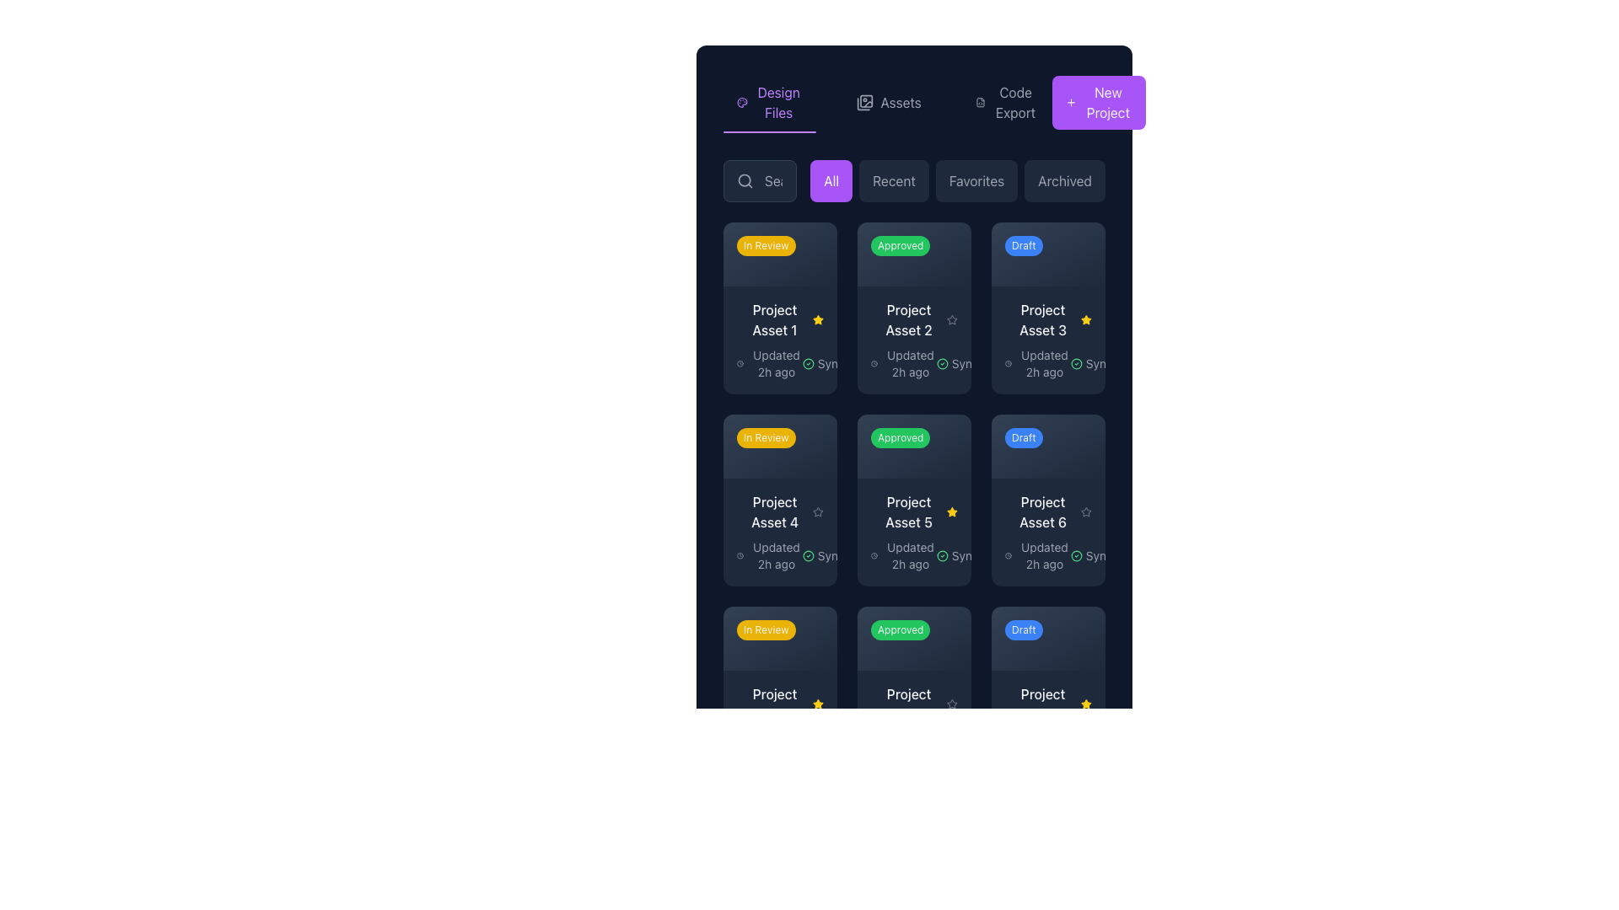 This screenshot has width=1619, height=910. I want to click on the text label 'Updated 2h agoSync' with accompanying icons, located in the bottom part of the card labeled 'Project Asset 4', so click(779, 555).